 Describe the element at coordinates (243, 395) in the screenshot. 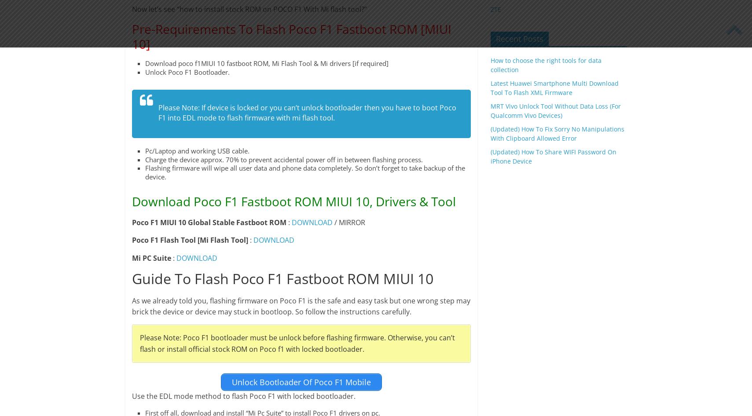

I see `'Use the EDL mode method to flash Poco F1 with locked bootloader.'` at that location.